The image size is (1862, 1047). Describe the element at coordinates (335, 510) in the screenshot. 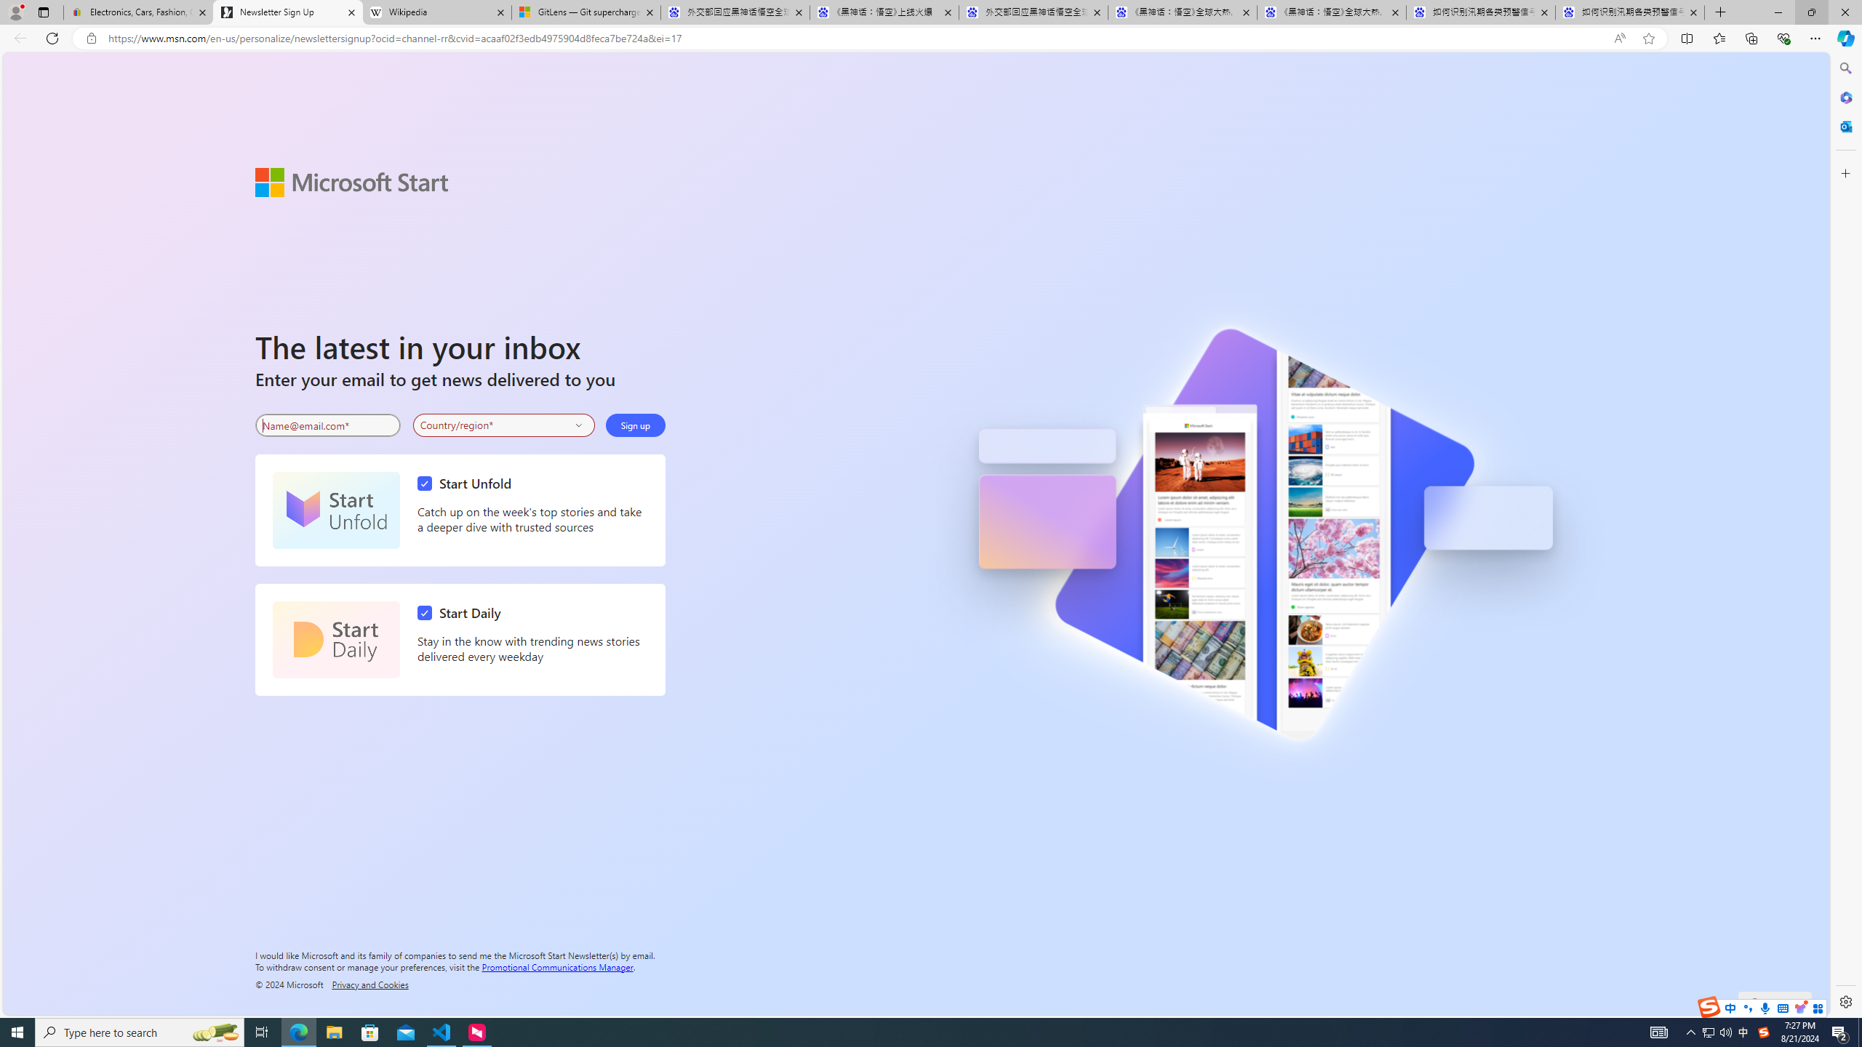

I see `'Start Unfold'` at that location.